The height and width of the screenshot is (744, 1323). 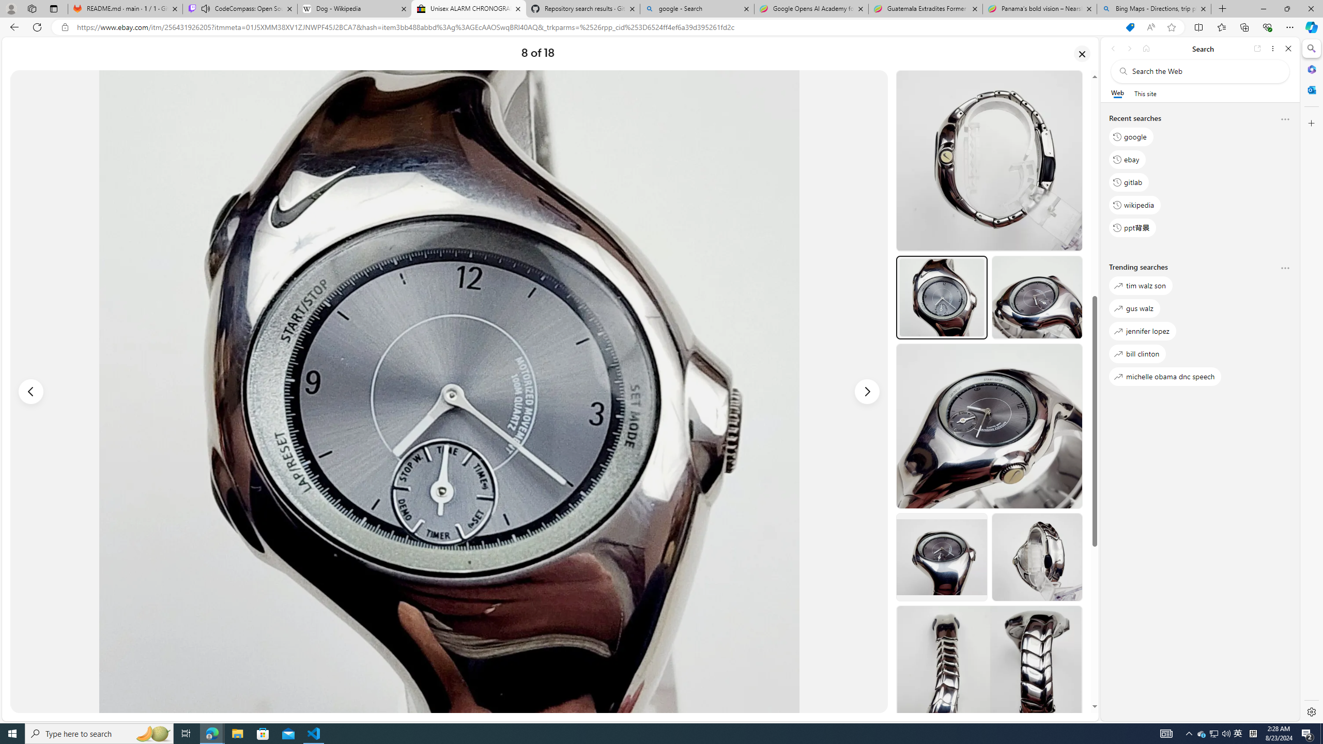 I want to click on 'gitlab', so click(x=1129, y=182).